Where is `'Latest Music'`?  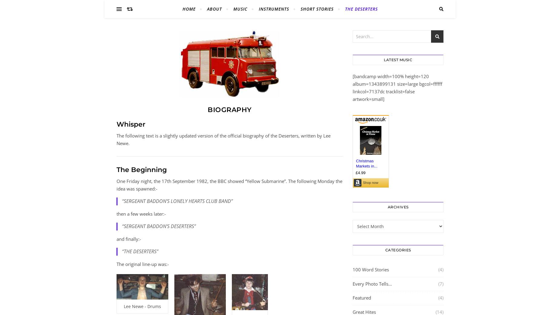
'Latest Music' is located at coordinates (383, 60).